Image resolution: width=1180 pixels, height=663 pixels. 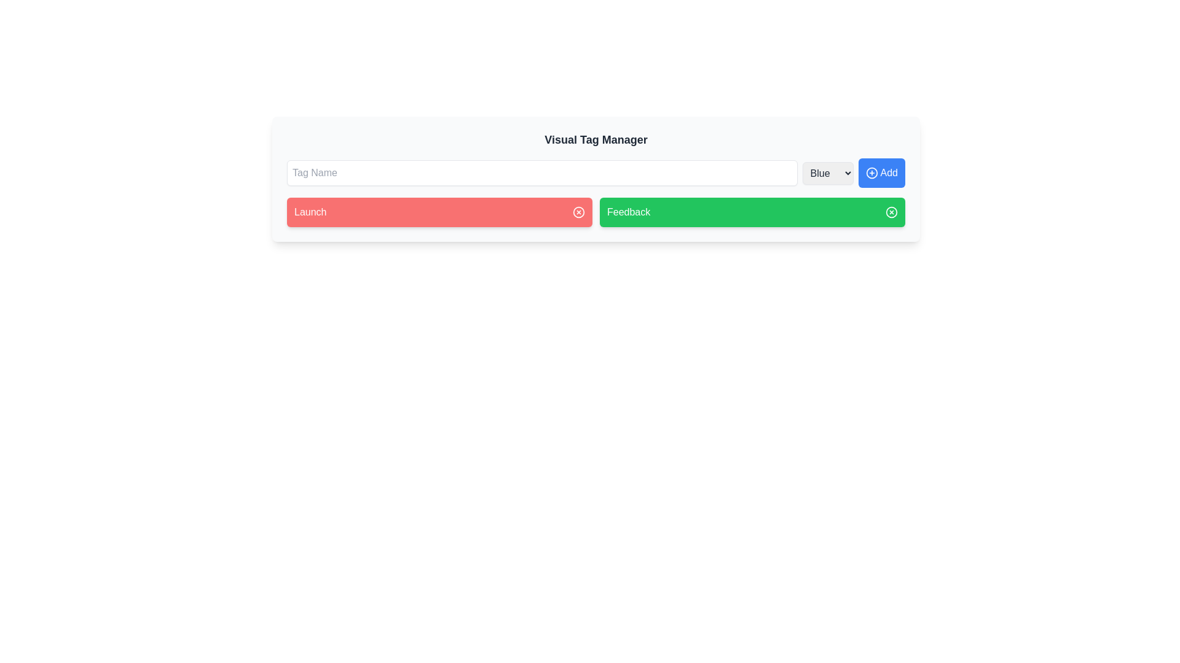 I want to click on the dropdown menu labeled 'Blue', so click(x=828, y=173).